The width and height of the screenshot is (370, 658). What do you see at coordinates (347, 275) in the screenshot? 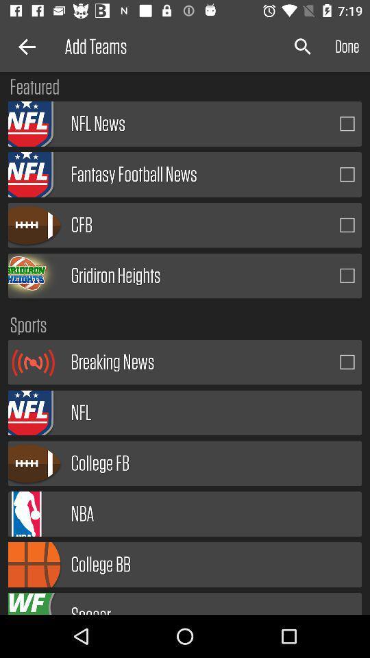
I see `item` at bounding box center [347, 275].